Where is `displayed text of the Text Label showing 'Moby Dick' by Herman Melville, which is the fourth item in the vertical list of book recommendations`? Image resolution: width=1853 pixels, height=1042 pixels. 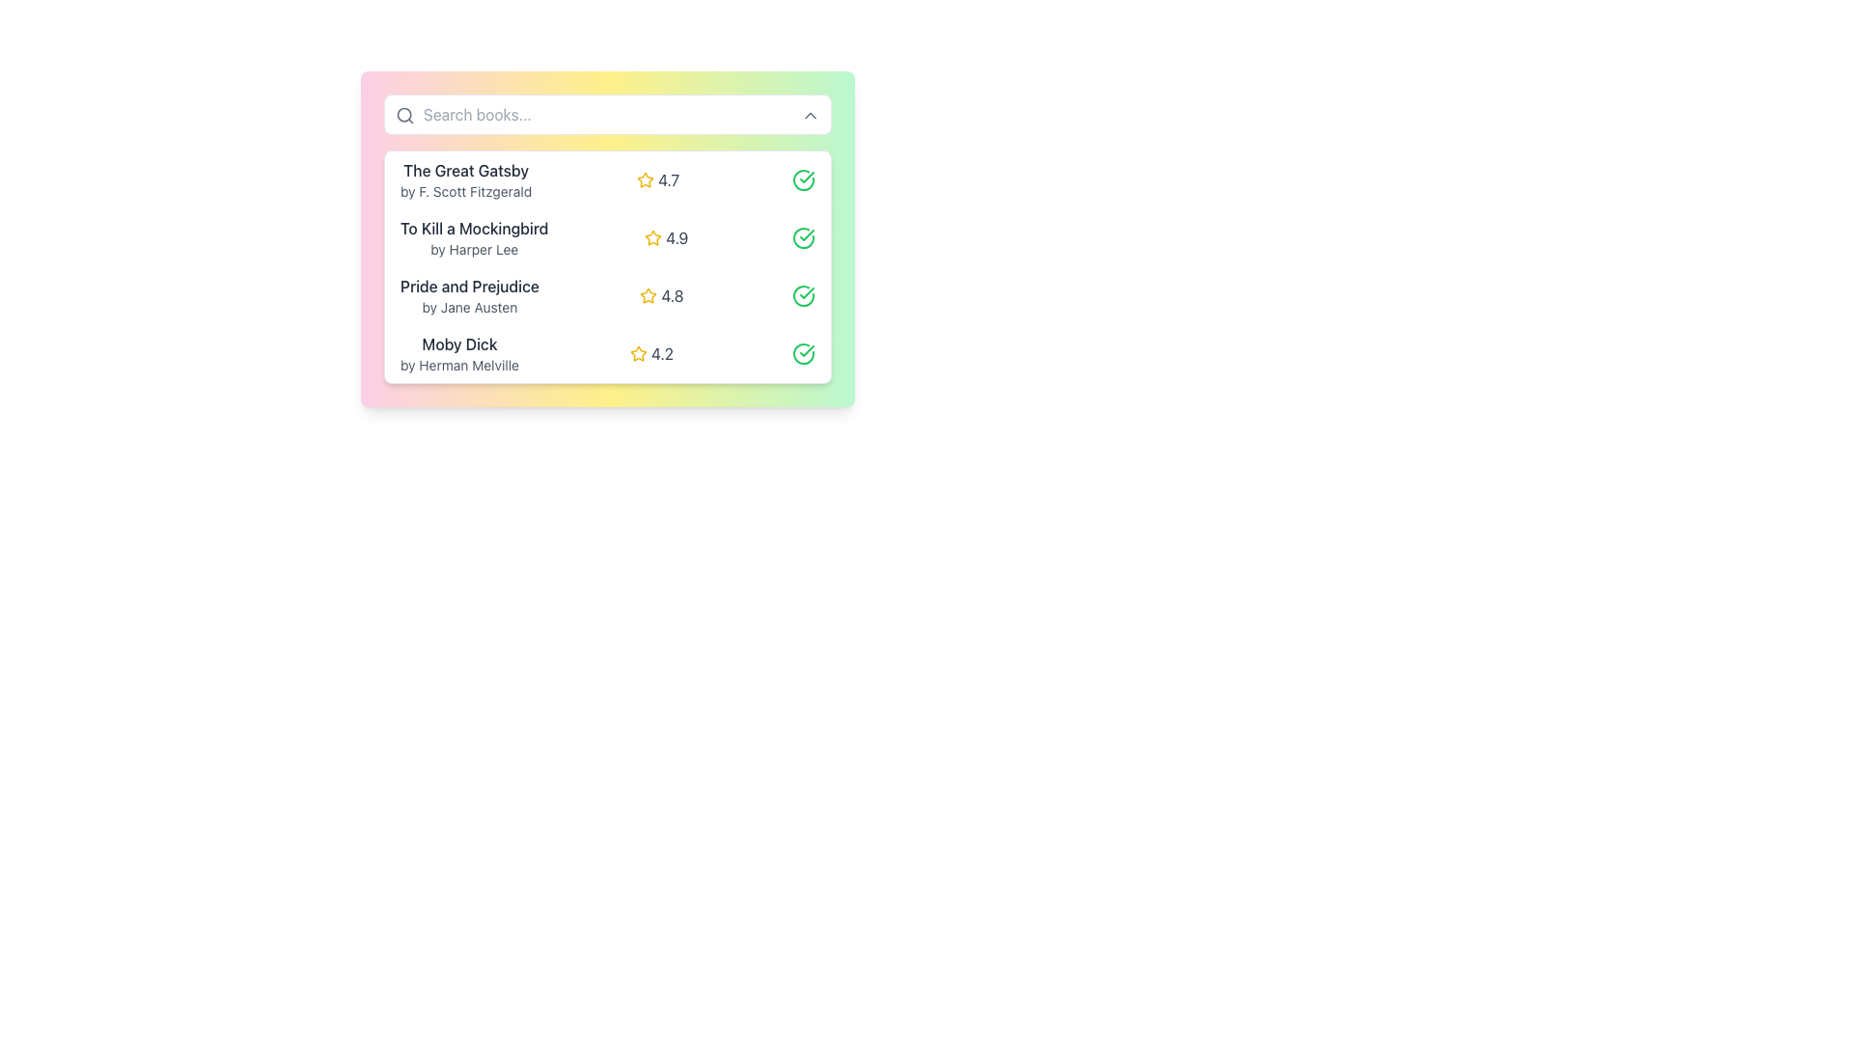 displayed text of the Text Label showing 'Moby Dick' by Herman Melville, which is the fourth item in the vertical list of book recommendations is located at coordinates (458, 353).